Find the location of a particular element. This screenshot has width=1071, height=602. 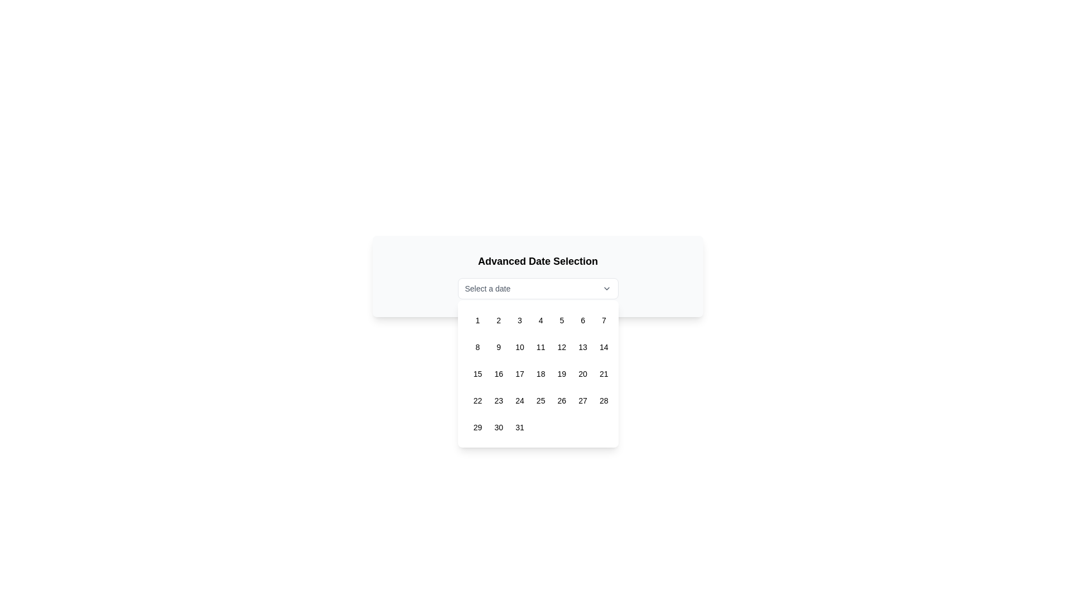

the button labeled '20' located in the third row and sixth column of a 7x5 grid layout is located at coordinates (582, 374).